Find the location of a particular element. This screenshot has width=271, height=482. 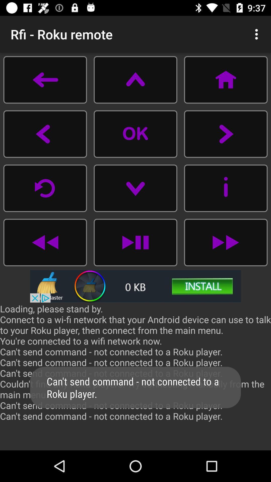

0 kb install is located at coordinates (135, 286).